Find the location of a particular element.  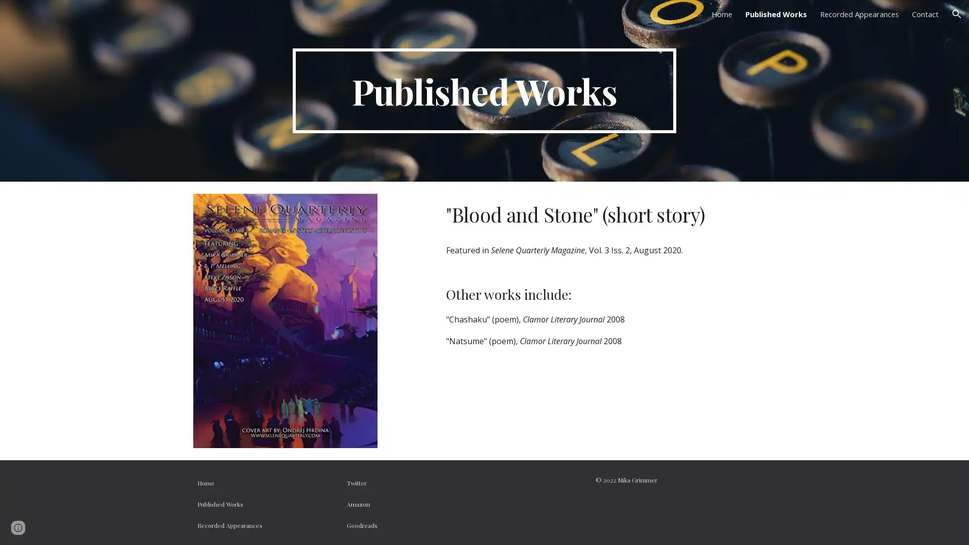

Report abuse is located at coordinates (92, 527).